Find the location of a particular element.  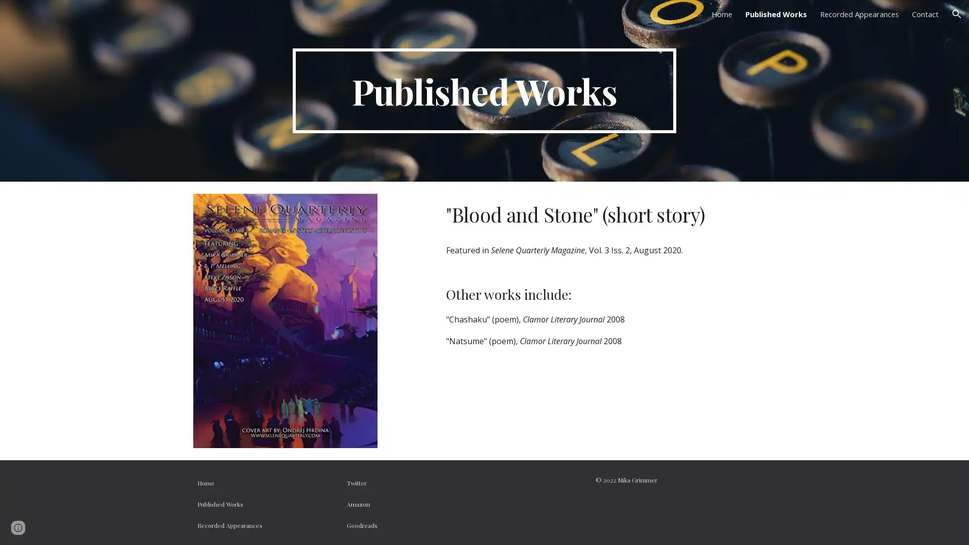

Report abuse is located at coordinates (92, 527).